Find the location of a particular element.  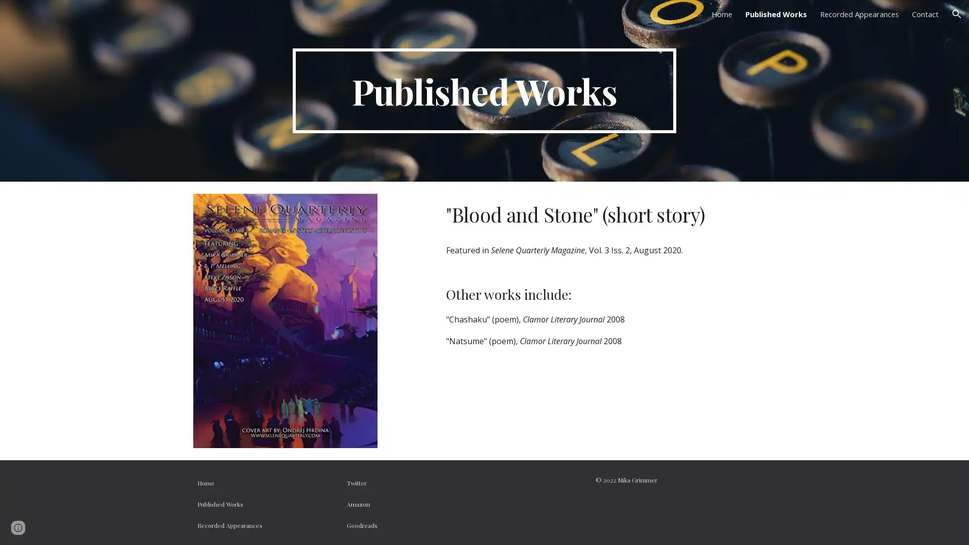

Report abuse is located at coordinates (92, 527).